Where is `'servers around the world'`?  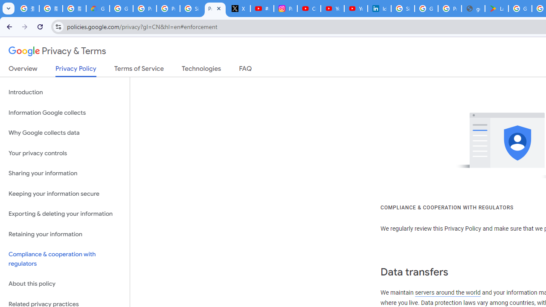
'servers around the world' is located at coordinates (447, 292).